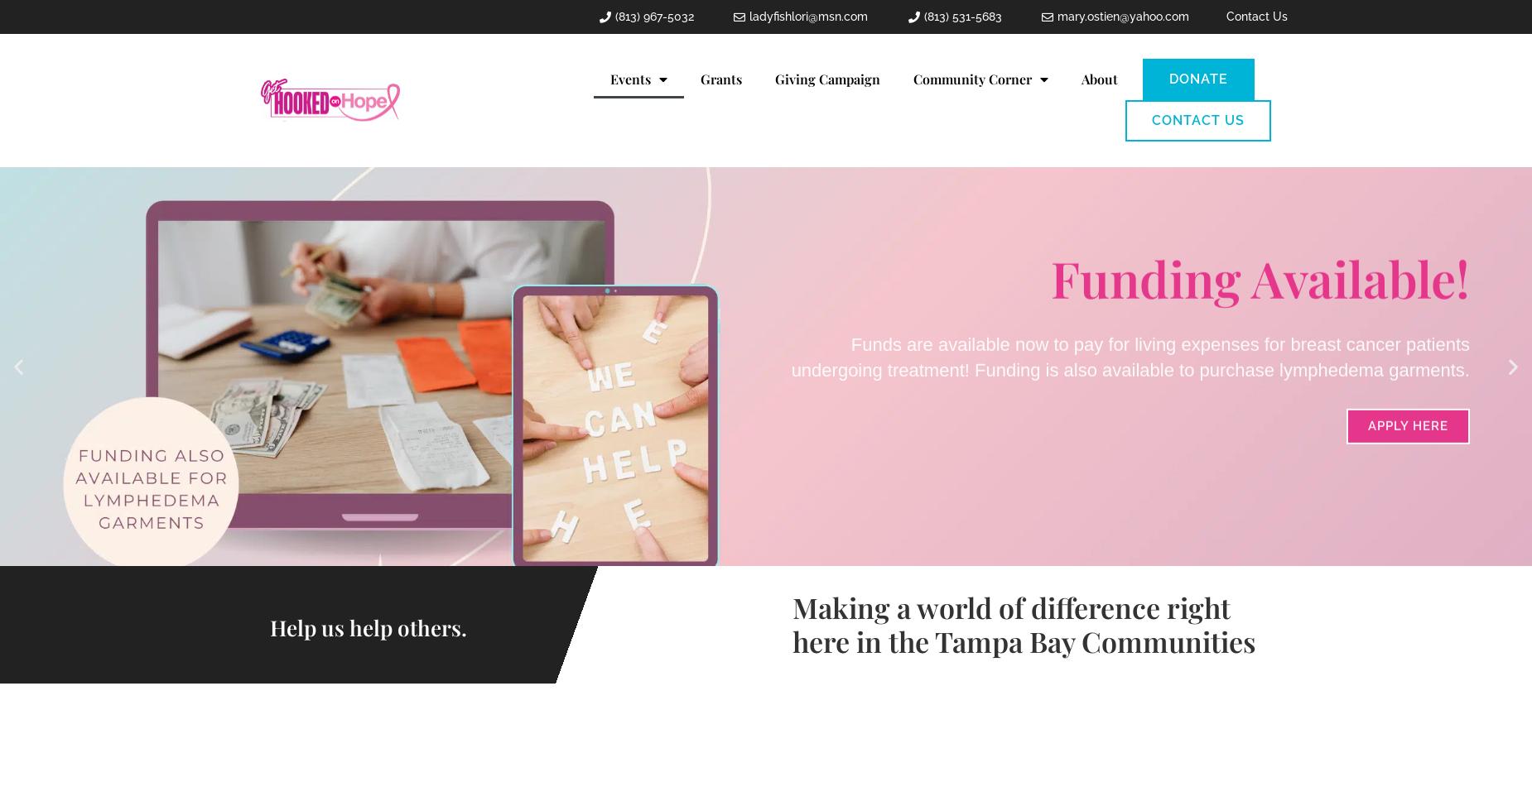 The width and height of the screenshot is (1532, 806). I want to click on '(813) 531-5683', so click(922, 16).